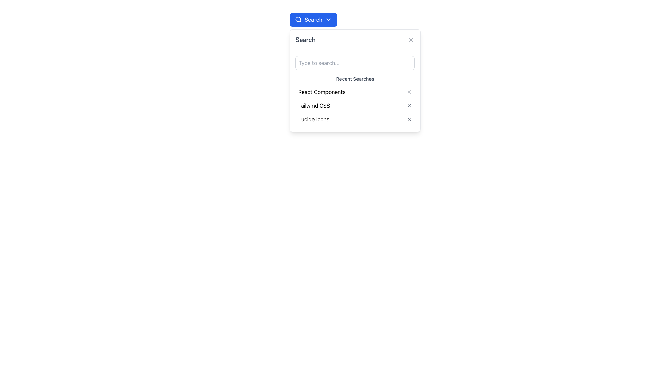 This screenshot has width=655, height=368. Describe the element at coordinates (355, 105) in the screenshot. I see `the middle entry in the dropdown list containing 'Tailwind CSS'` at that location.